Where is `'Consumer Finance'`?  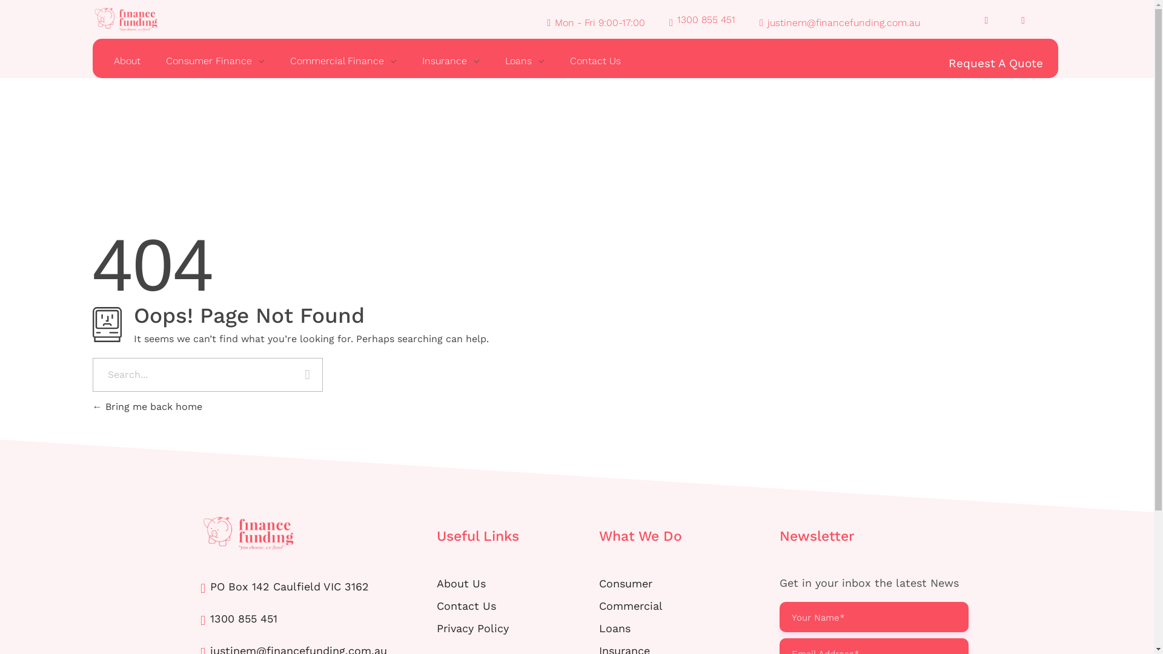
'Consumer Finance' is located at coordinates (214, 61).